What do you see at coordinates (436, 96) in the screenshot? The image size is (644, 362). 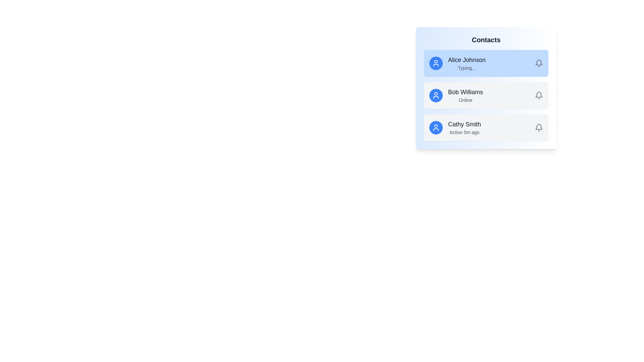 I see `the blue circular Profile Avatar button with a white user icon` at bounding box center [436, 96].